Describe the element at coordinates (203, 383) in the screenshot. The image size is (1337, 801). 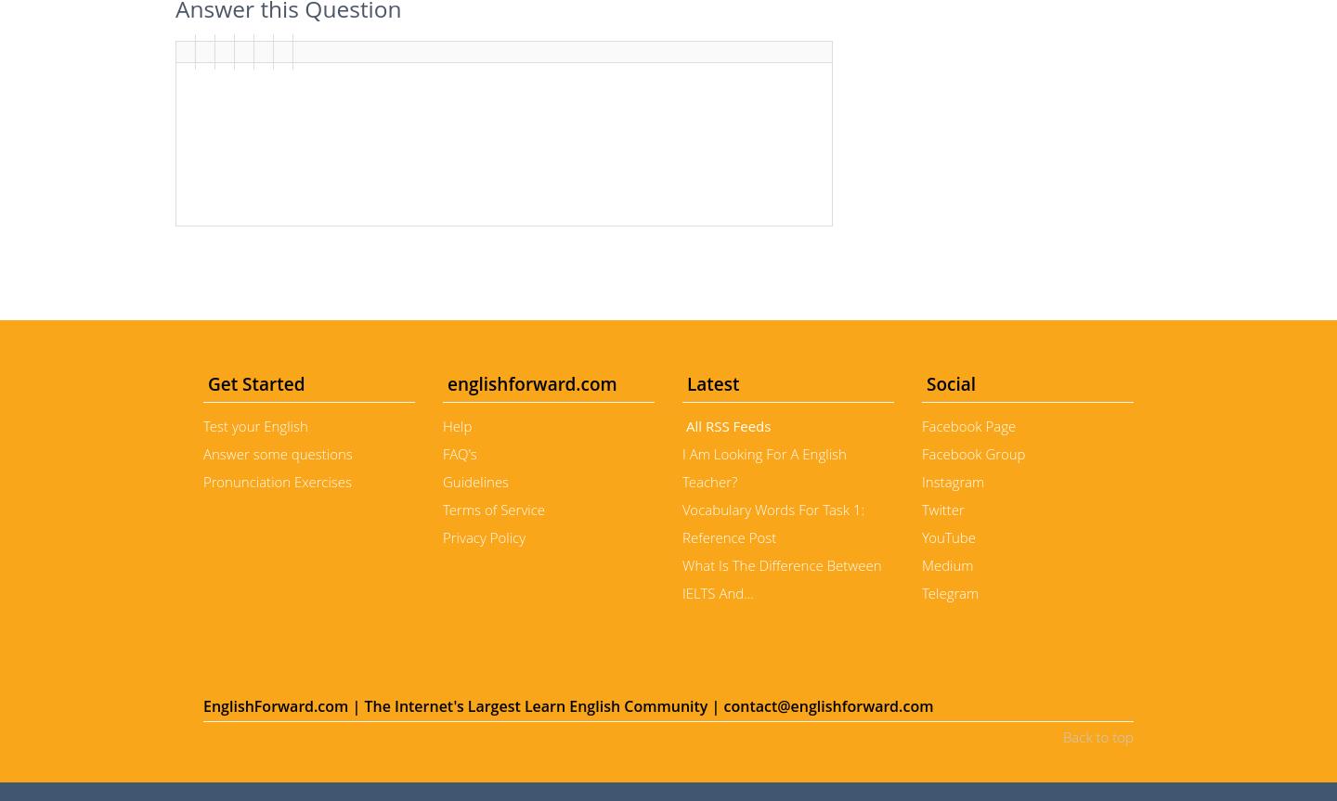
I see `'Get Started'` at that location.